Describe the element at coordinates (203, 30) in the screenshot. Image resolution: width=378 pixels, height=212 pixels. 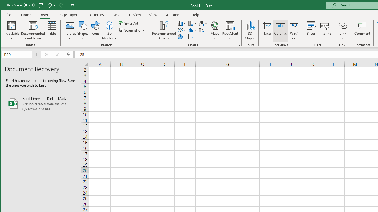
I see `'Insert Combo Chart'` at that location.